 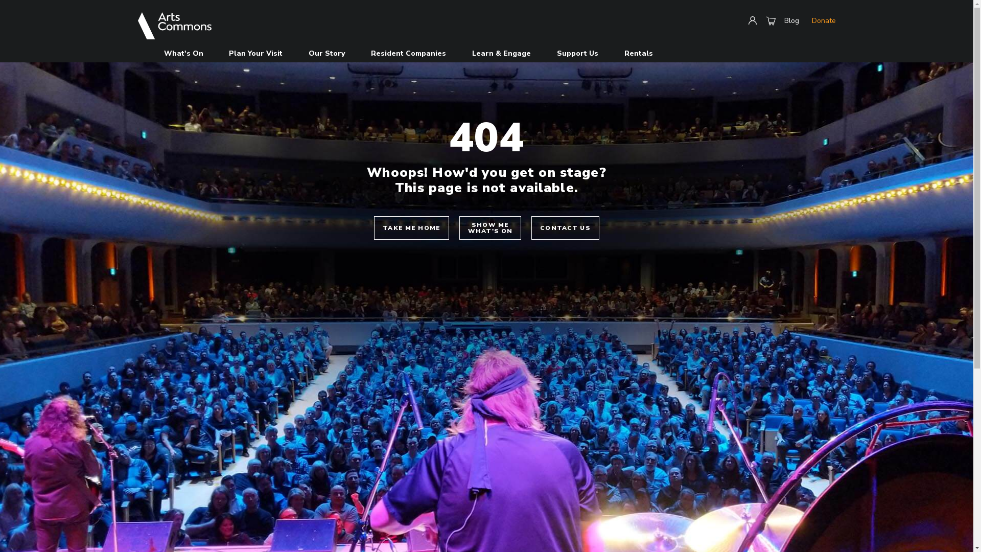 What do you see at coordinates (638, 53) in the screenshot?
I see `'Rentals'` at bounding box center [638, 53].